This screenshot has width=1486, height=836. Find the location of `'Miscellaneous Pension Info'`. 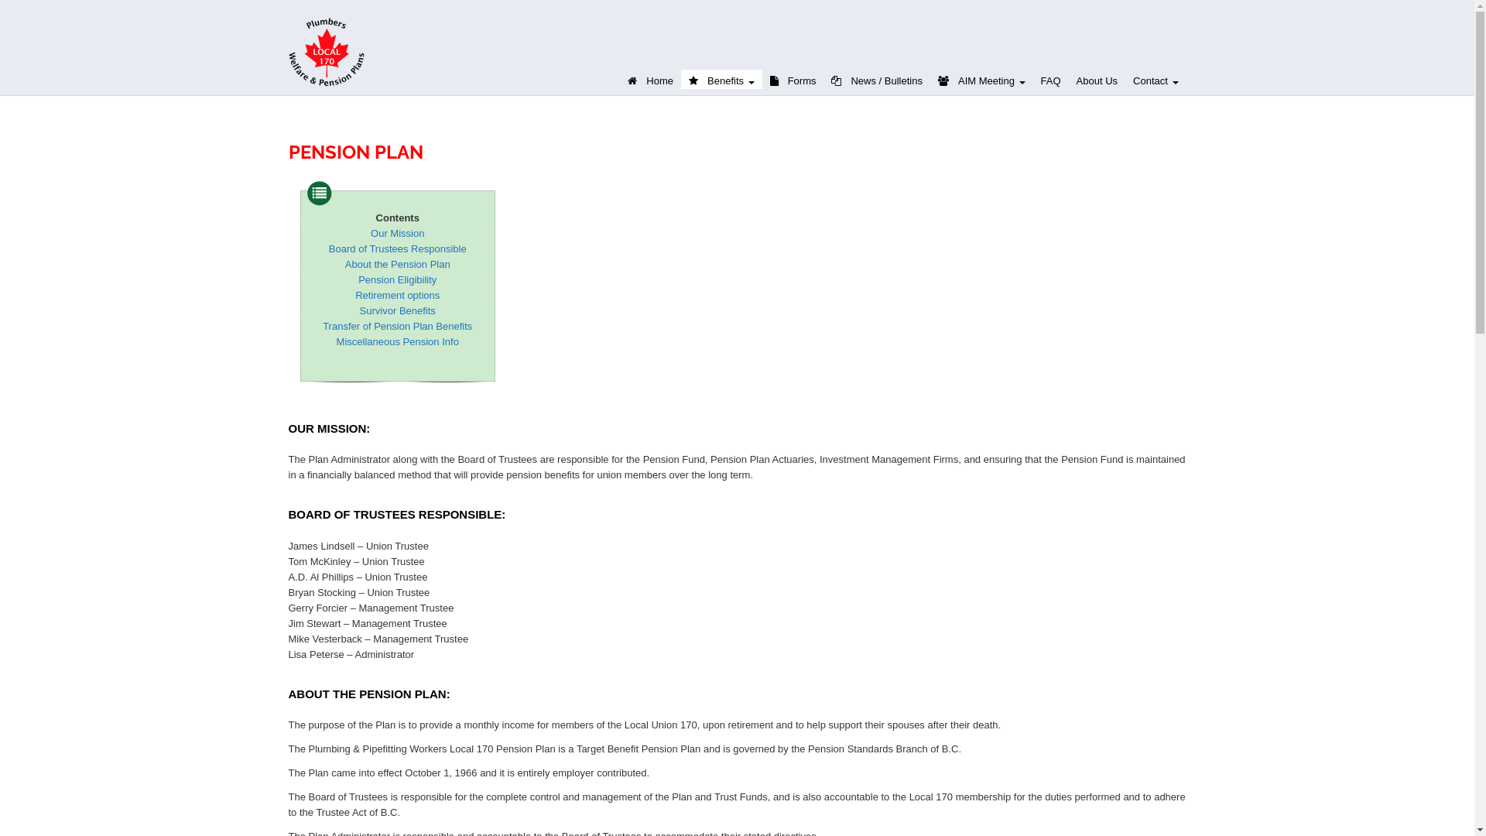

'Miscellaneous Pension Info' is located at coordinates (397, 341).